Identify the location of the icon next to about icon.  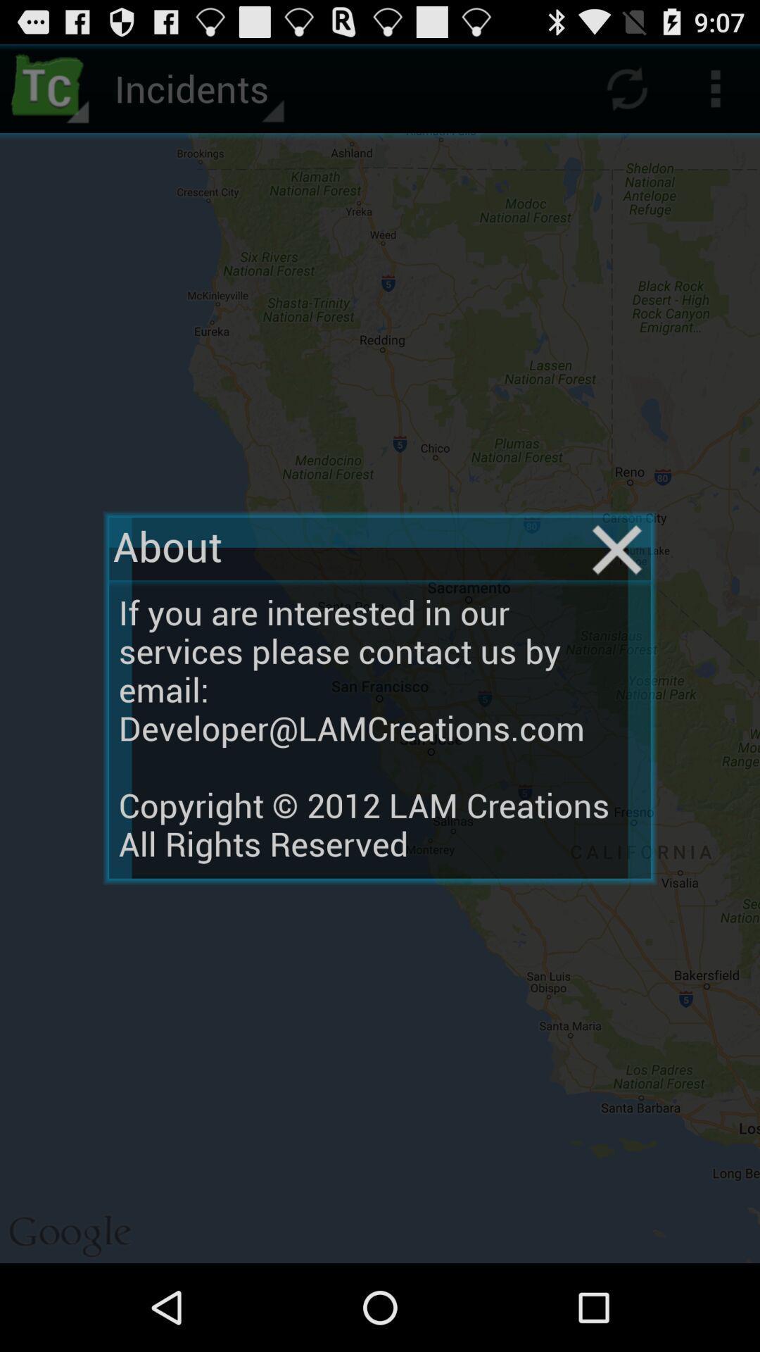
(616, 549).